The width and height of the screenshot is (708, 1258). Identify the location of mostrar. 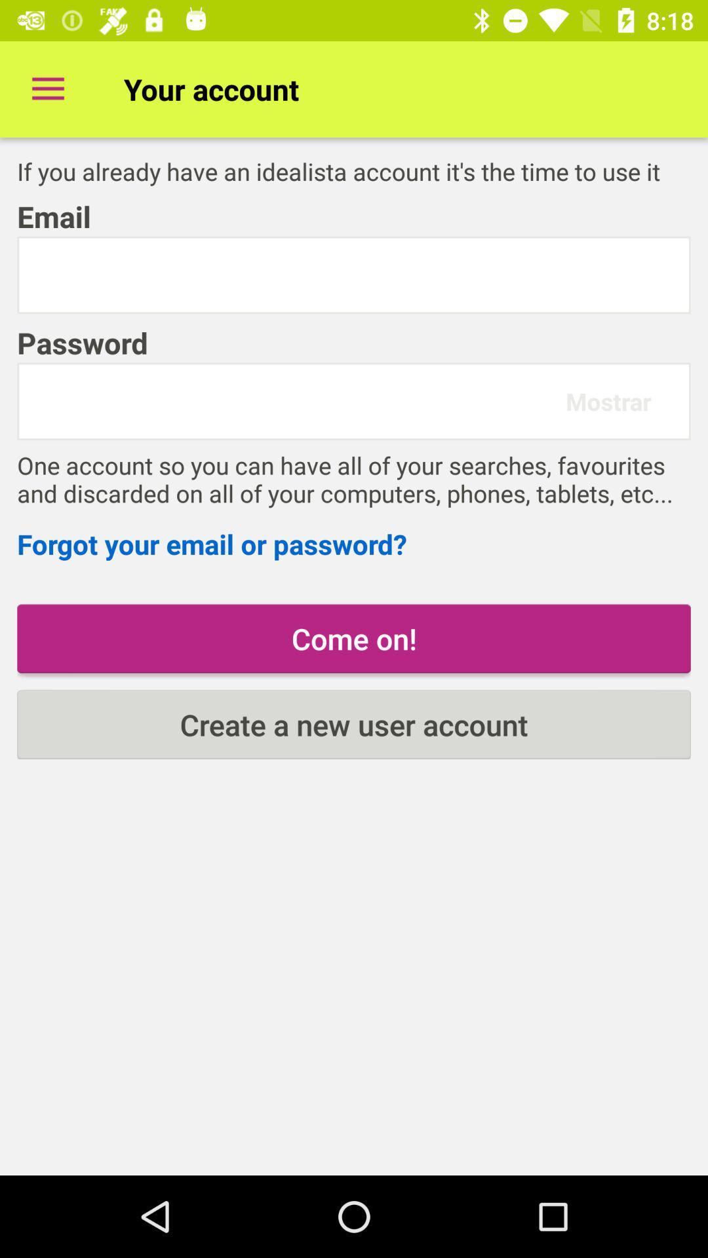
(608, 400).